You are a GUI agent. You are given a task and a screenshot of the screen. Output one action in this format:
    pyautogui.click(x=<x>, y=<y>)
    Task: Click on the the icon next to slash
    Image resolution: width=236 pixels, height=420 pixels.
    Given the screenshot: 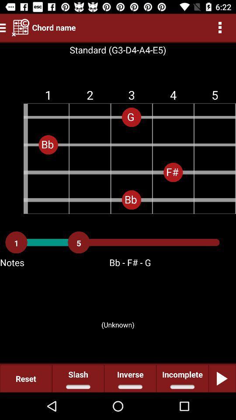 What is the action you would take?
    pyautogui.click(x=130, y=378)
    